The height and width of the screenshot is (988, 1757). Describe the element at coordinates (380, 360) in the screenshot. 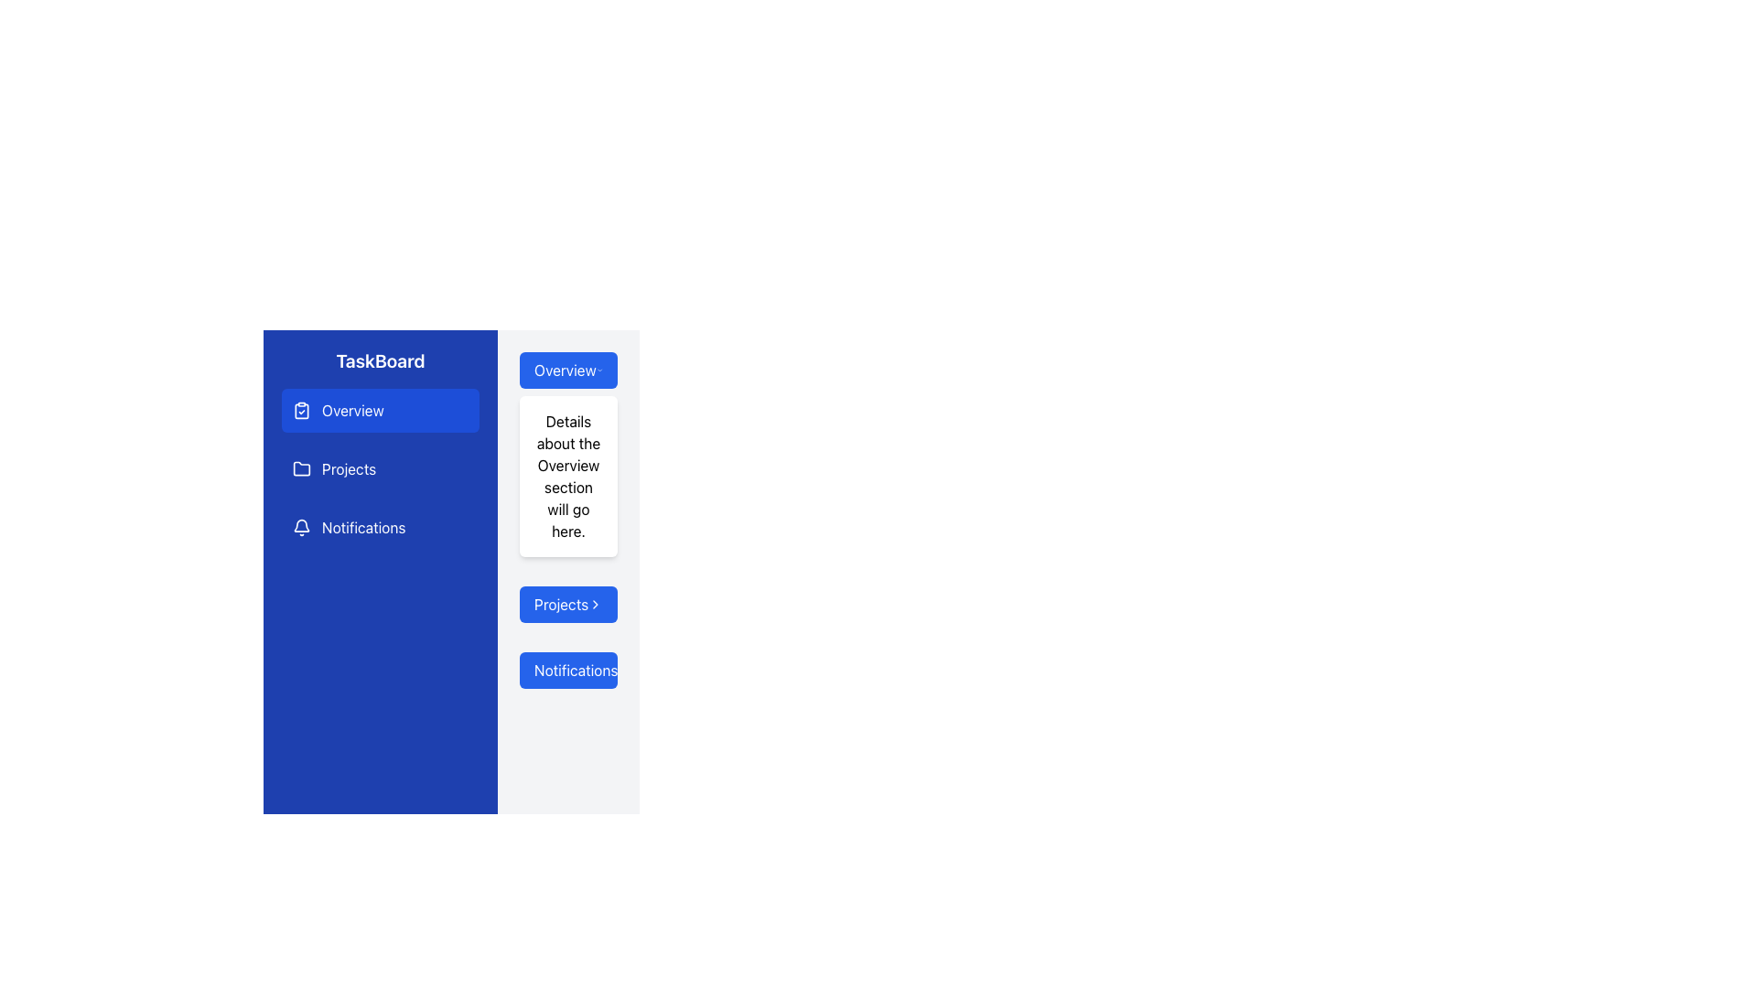

I see `text content of the Text Header located at the top of the vertical navigation panel, which serves as the title for the section or application name` at that location.